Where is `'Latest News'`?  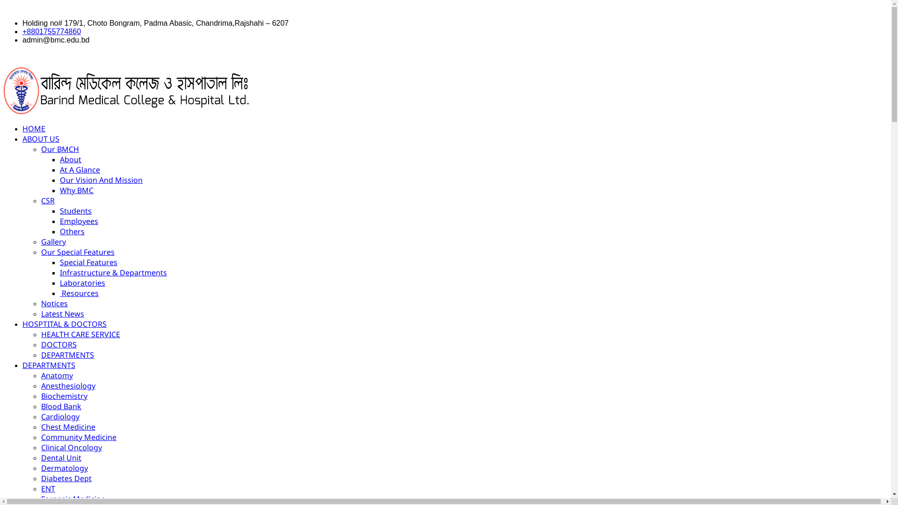
'Latest News' is located at coordinates (62, 314).